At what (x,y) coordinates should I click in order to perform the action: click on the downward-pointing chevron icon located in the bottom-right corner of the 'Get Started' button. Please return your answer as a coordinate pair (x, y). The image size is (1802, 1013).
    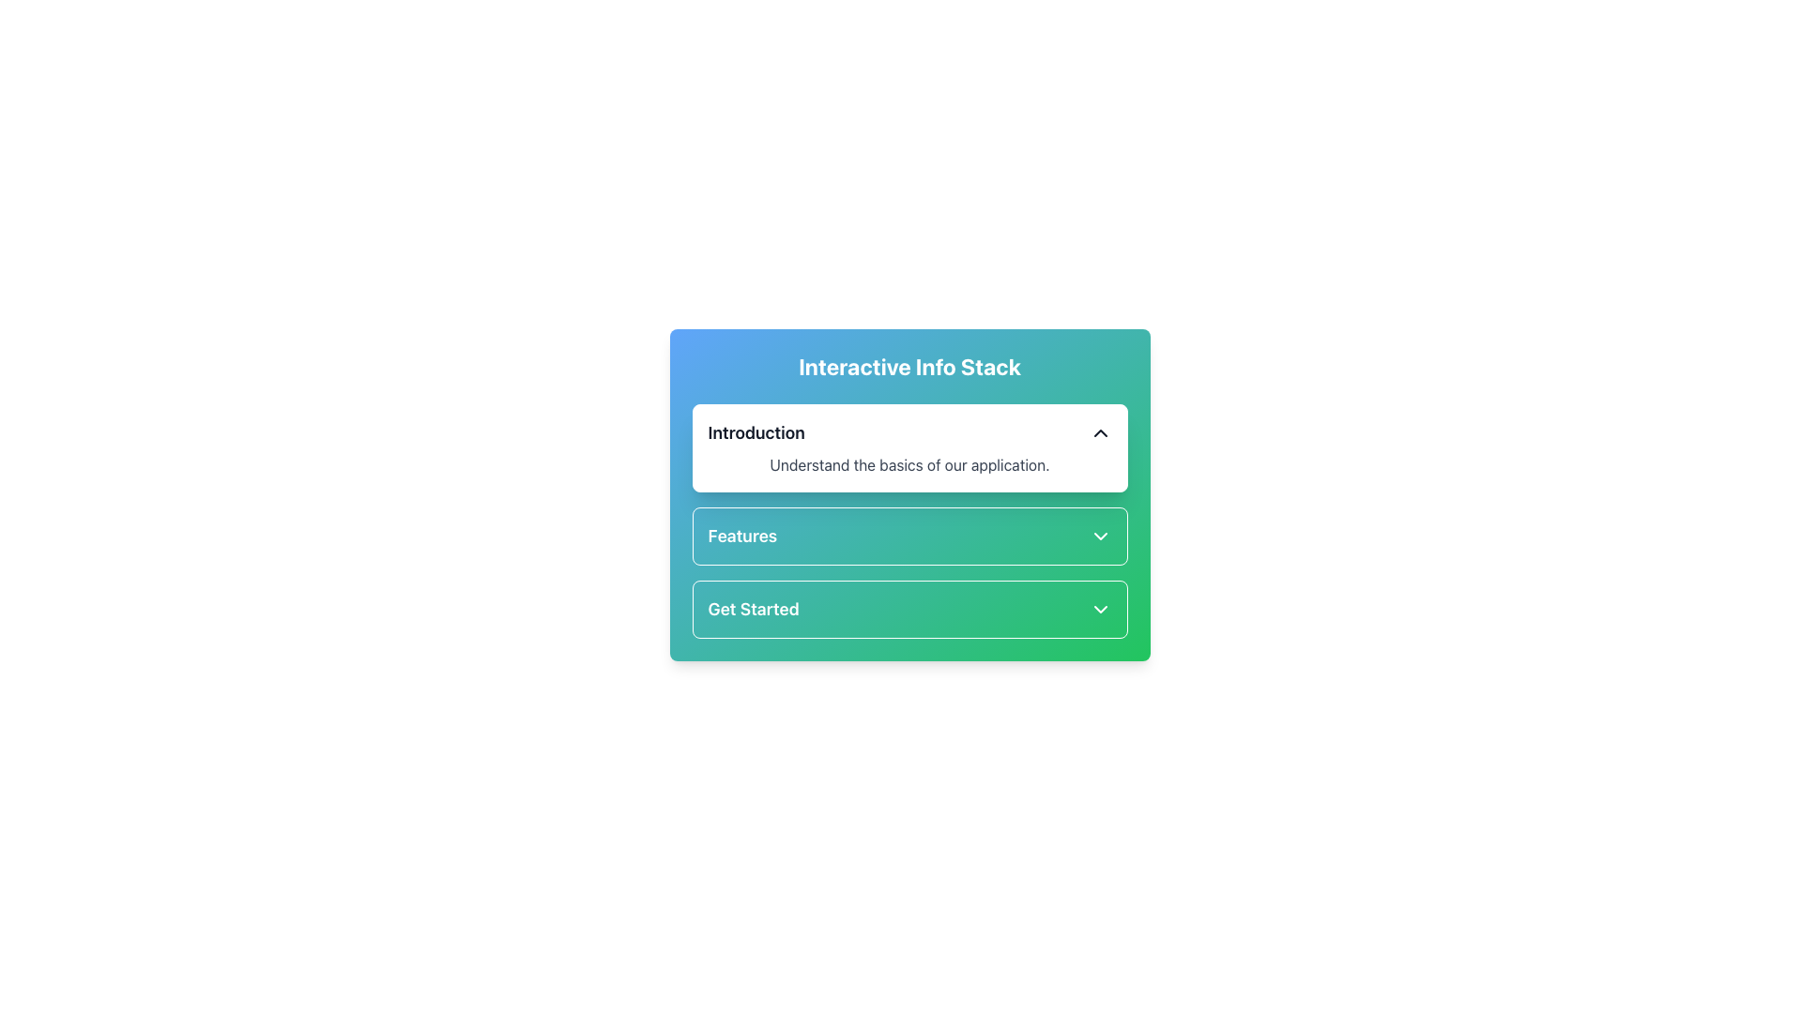
    Looking at the image, I should click on (1100, 610).